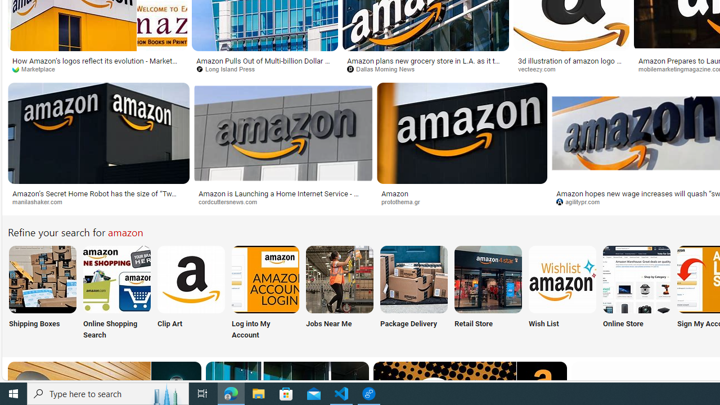 The image size is (720, 405). I want to click on '3d illustration of amazon logo 18779928 PNG', so click(571, 64).